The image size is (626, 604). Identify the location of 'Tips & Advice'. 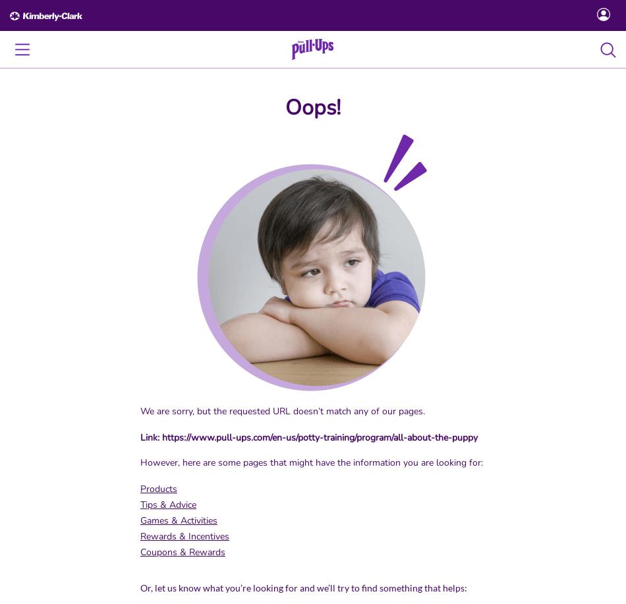
(167, 504).